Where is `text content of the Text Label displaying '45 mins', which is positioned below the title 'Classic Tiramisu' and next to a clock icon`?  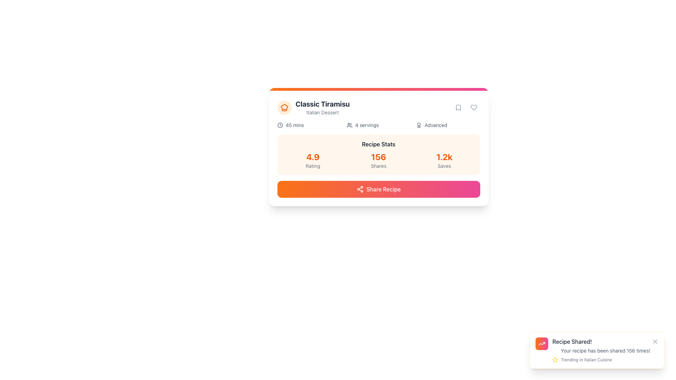 text content of the Text Label displaying '45 mins', which is positioned below the title 'Classic Tiramisu' and next to a clock icon is located at coordinates (295, 125).